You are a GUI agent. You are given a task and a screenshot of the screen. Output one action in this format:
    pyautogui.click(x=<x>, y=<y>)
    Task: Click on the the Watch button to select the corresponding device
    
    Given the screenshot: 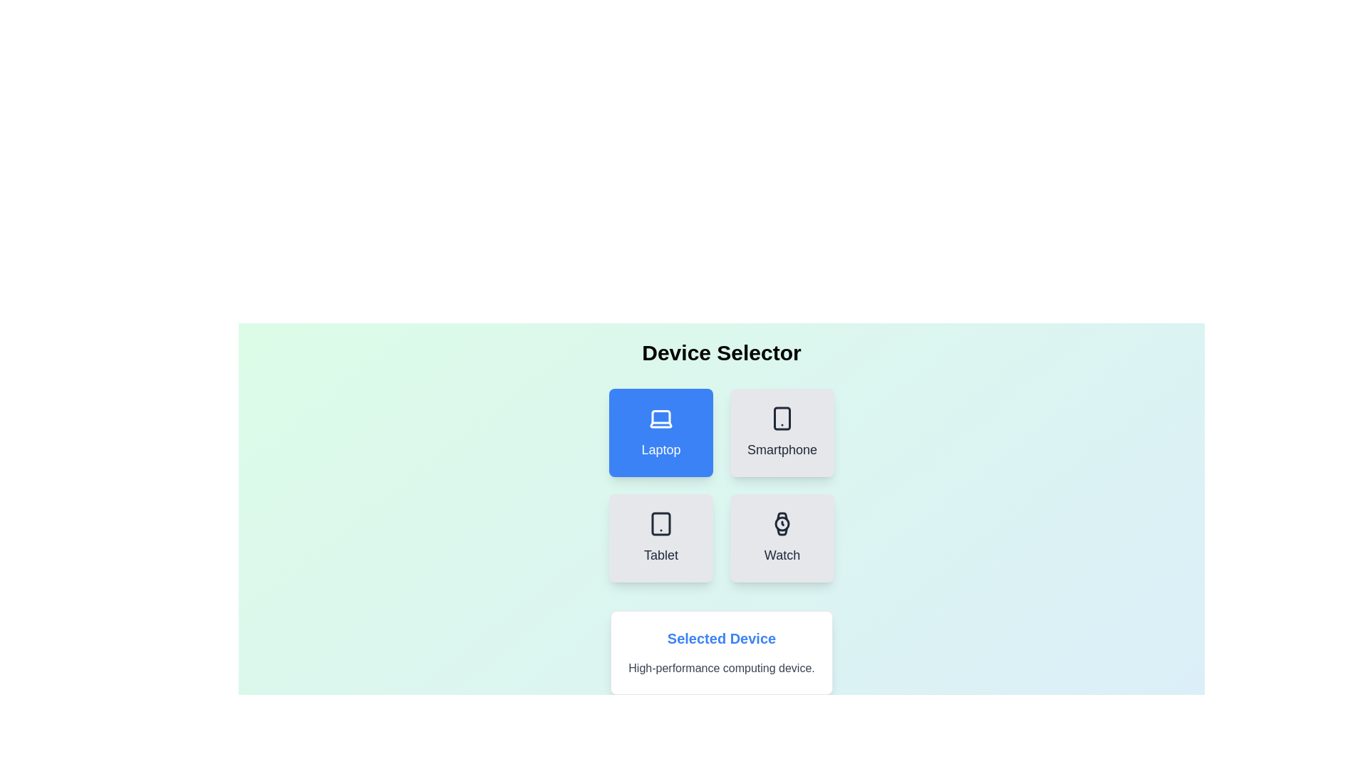 What is the action you would take?
    pyautogui.click(x=782, y=538)
    